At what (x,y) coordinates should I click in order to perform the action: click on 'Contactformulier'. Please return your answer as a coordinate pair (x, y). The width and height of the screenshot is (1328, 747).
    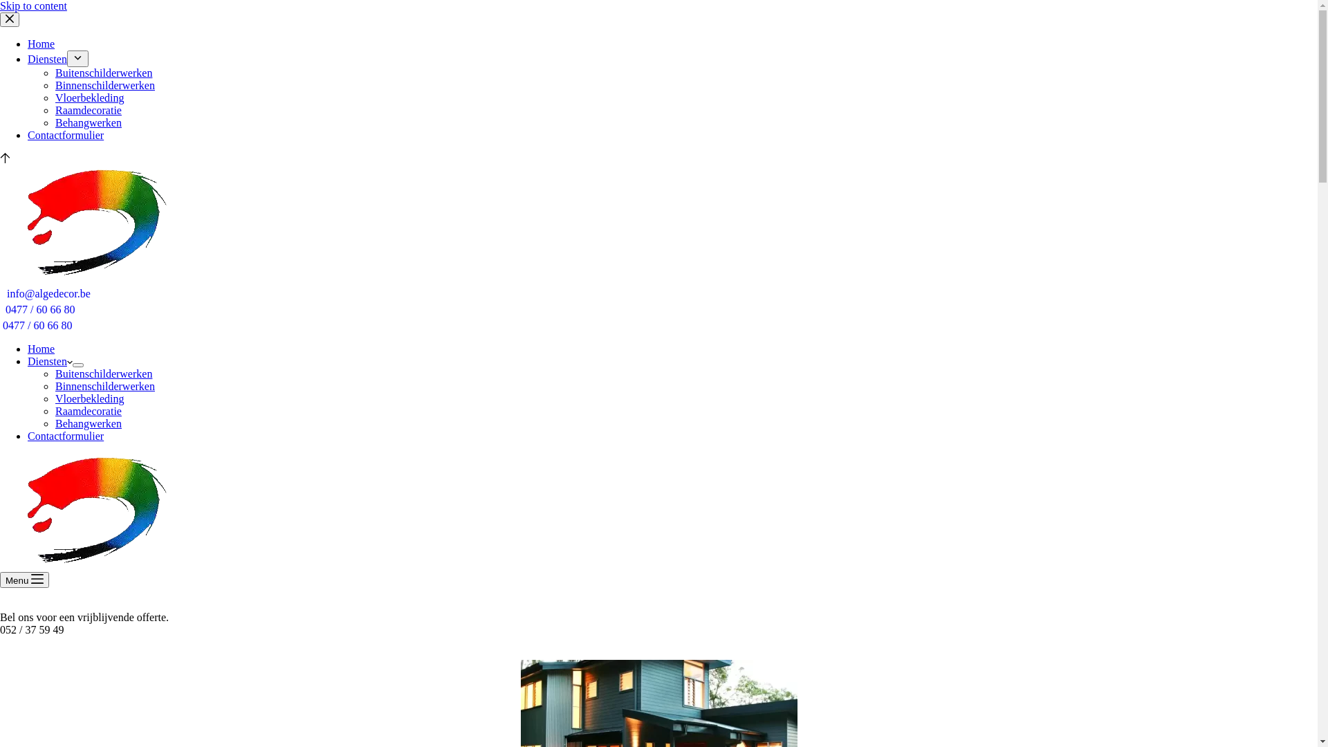
    Looking at the image, I should click on (65, 135).